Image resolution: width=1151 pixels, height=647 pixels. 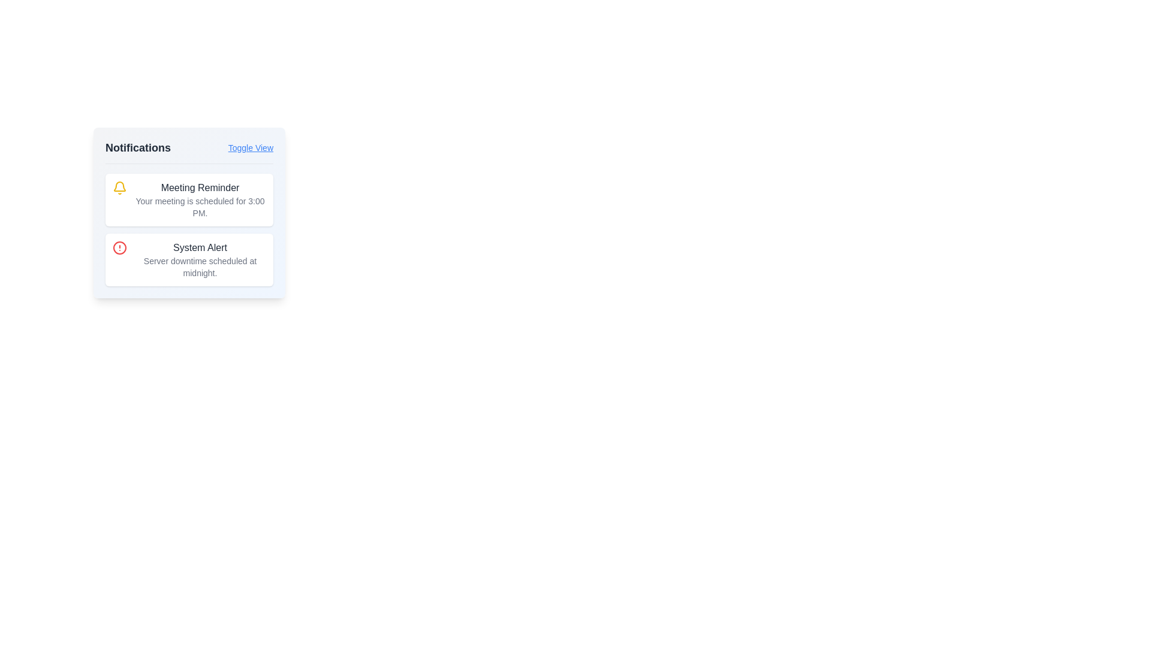 What do you see at coordinates (200, 259) in the screenshot?
I see `alert titled 'System Alert' which contains the message 'Server downtime scheduled at midnight.'` at bounding box center [200, 259].